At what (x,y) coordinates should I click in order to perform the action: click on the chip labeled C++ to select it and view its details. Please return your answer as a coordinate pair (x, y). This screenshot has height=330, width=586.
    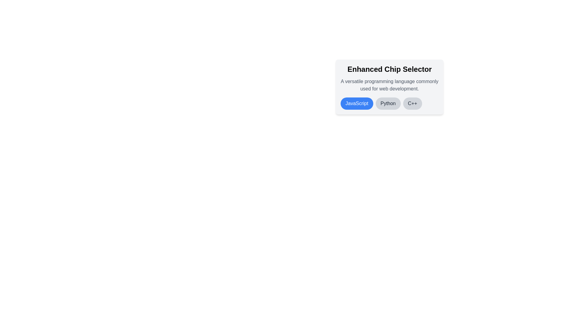
    Looking at the image, I should click on (412, 103).